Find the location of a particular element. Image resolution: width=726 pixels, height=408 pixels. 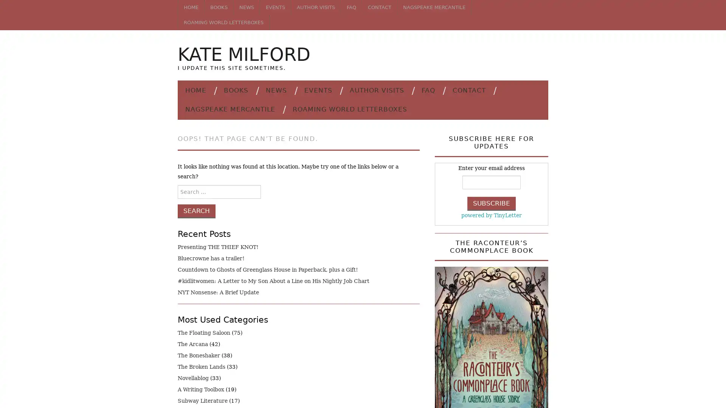

Search is located at coordinates (196, 211).